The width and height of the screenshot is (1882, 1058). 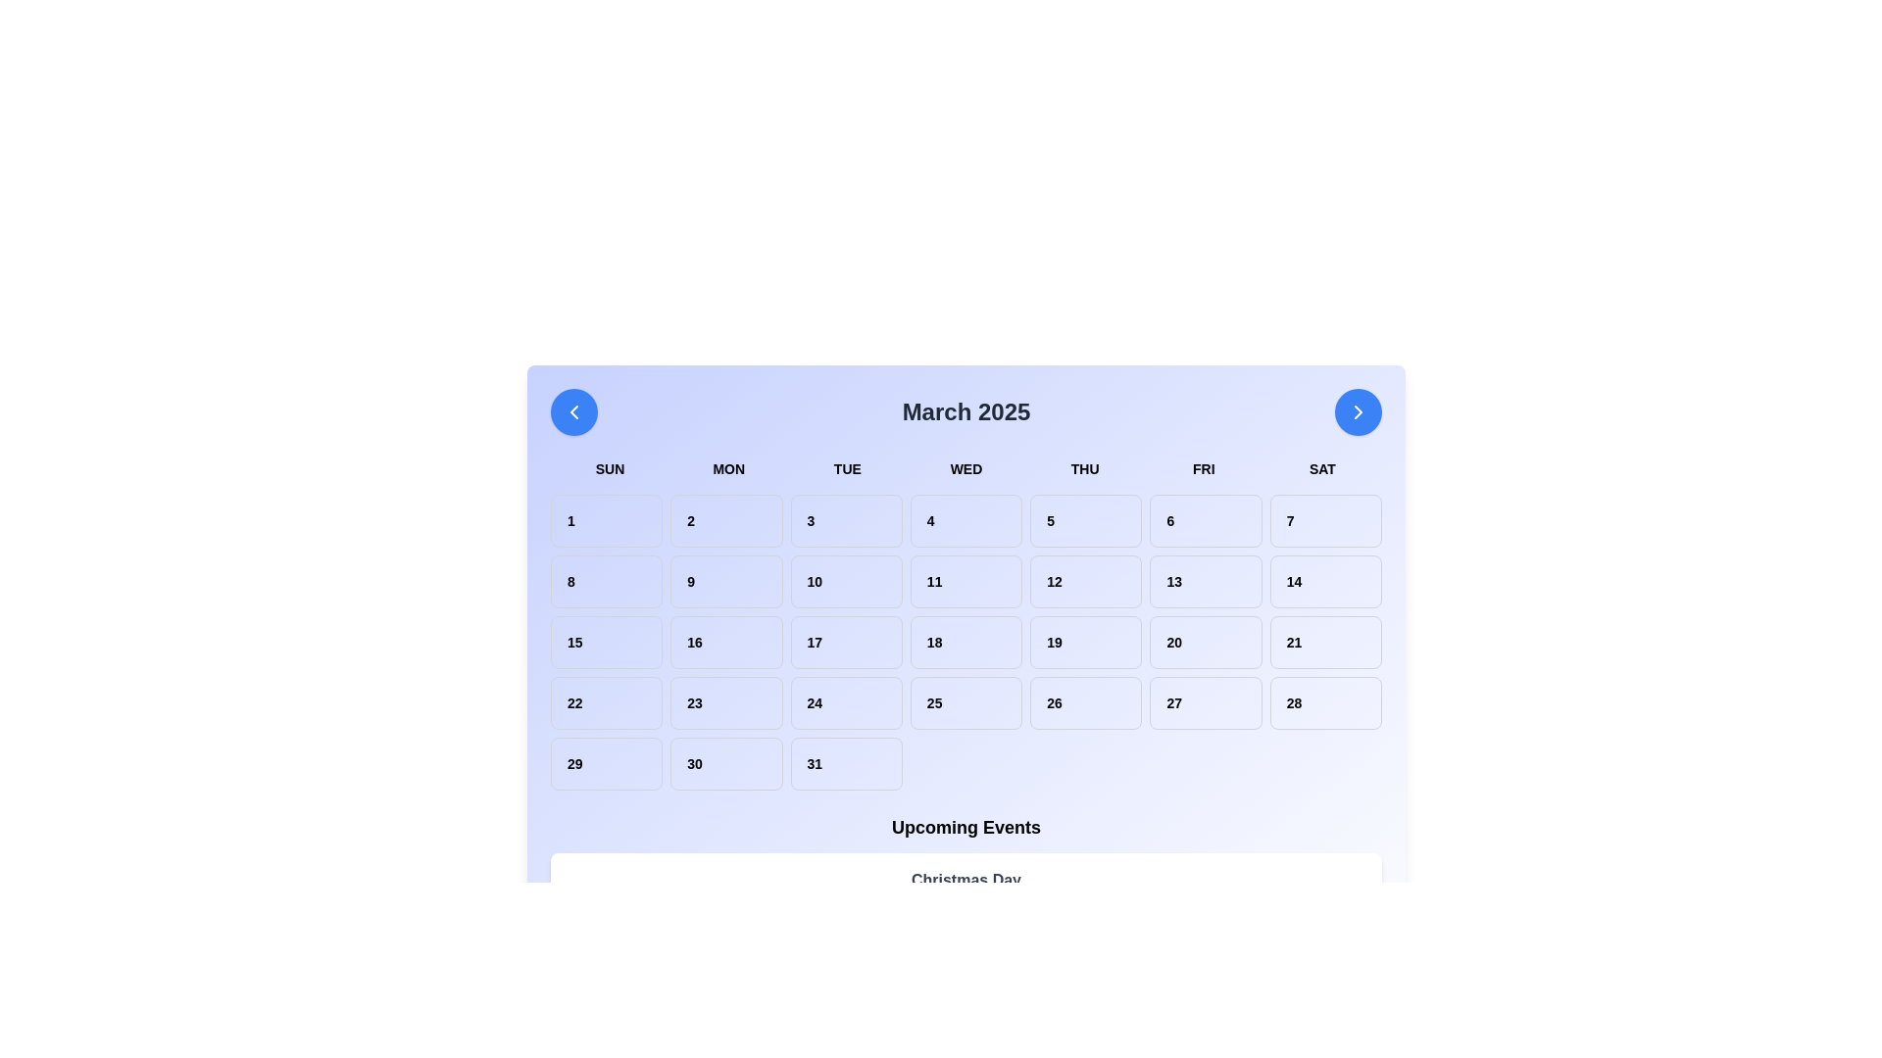 I want to click on the bold, uppercase text label displaying 'Tue', which is the third item in a horizontal layout of day labels for the week, so click(x=847, y=468).